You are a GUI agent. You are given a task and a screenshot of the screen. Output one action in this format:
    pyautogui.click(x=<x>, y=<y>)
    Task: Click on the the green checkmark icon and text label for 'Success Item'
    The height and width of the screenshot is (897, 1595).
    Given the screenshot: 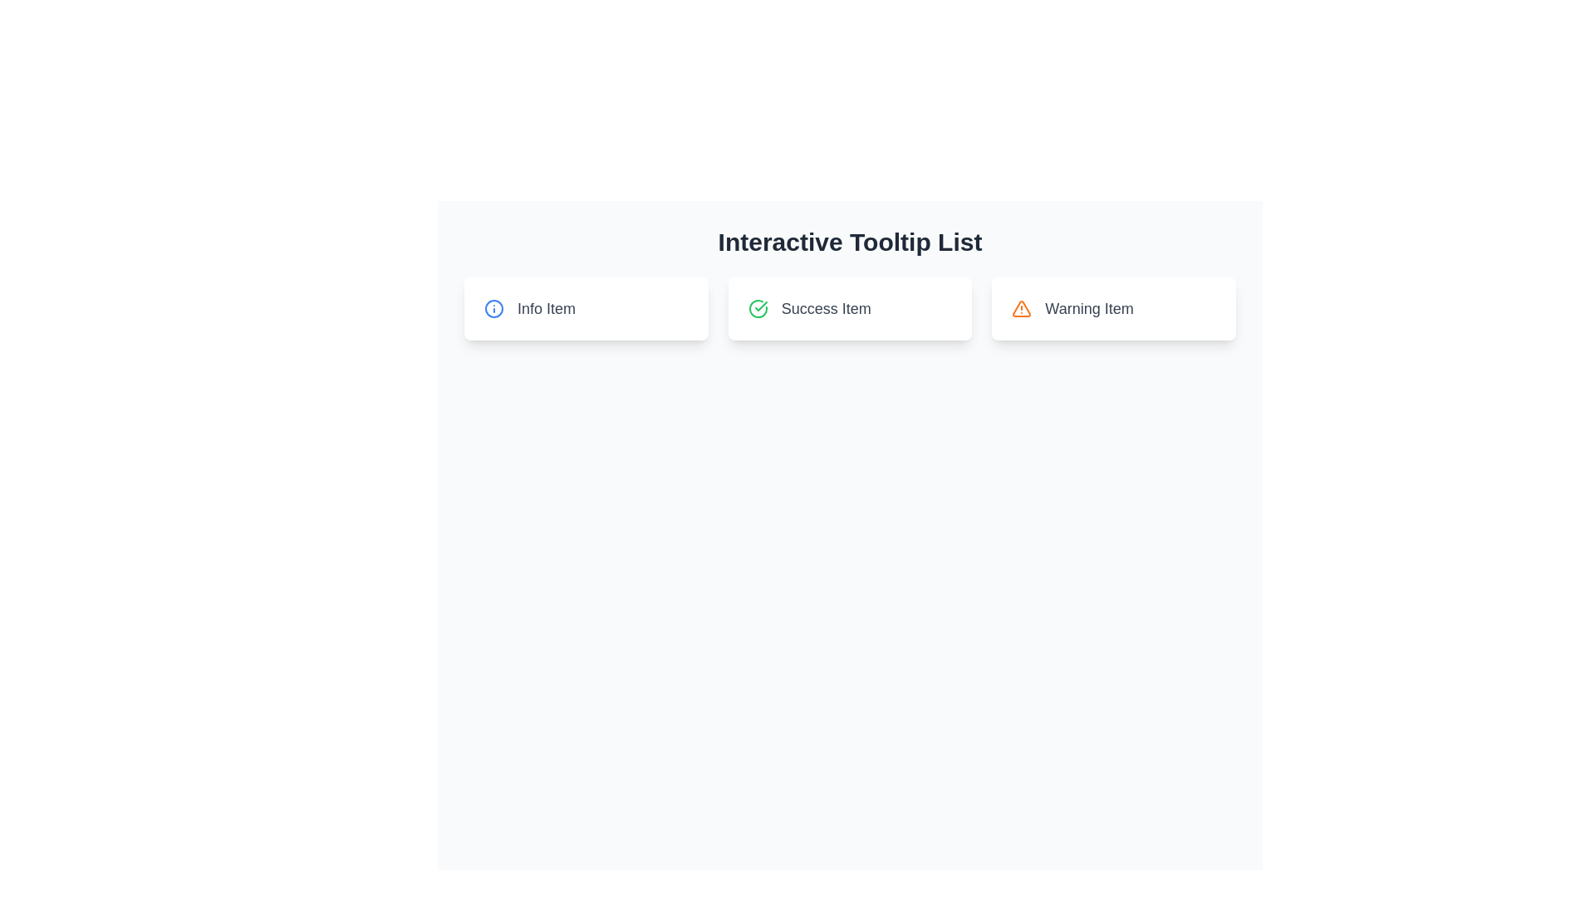 What is the action you would take?
    pyautogui.click(x=850, y=308)
    